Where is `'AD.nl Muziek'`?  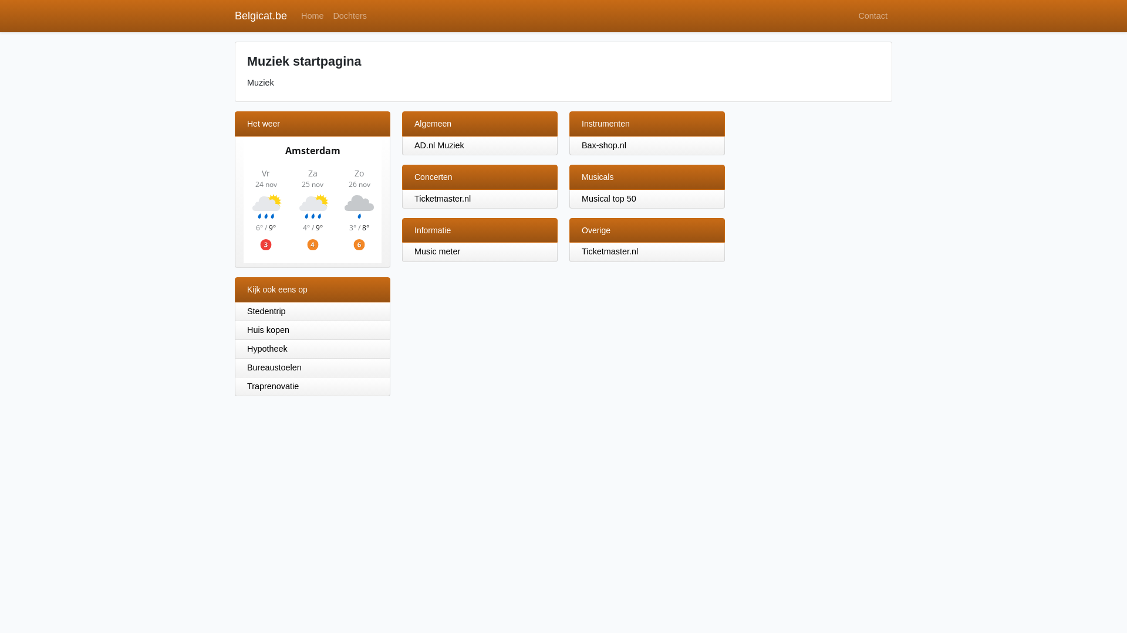
'AD.nl Muziek' is located at coordinates (438, 144).